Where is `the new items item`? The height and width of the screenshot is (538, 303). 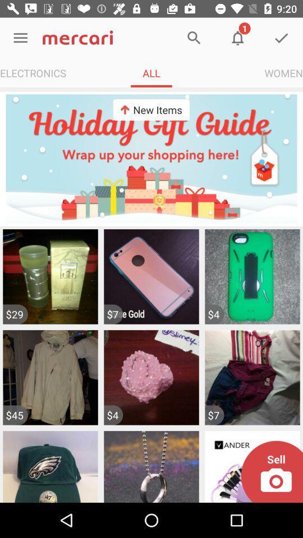
the new items item is located at coordinates (151, 110).